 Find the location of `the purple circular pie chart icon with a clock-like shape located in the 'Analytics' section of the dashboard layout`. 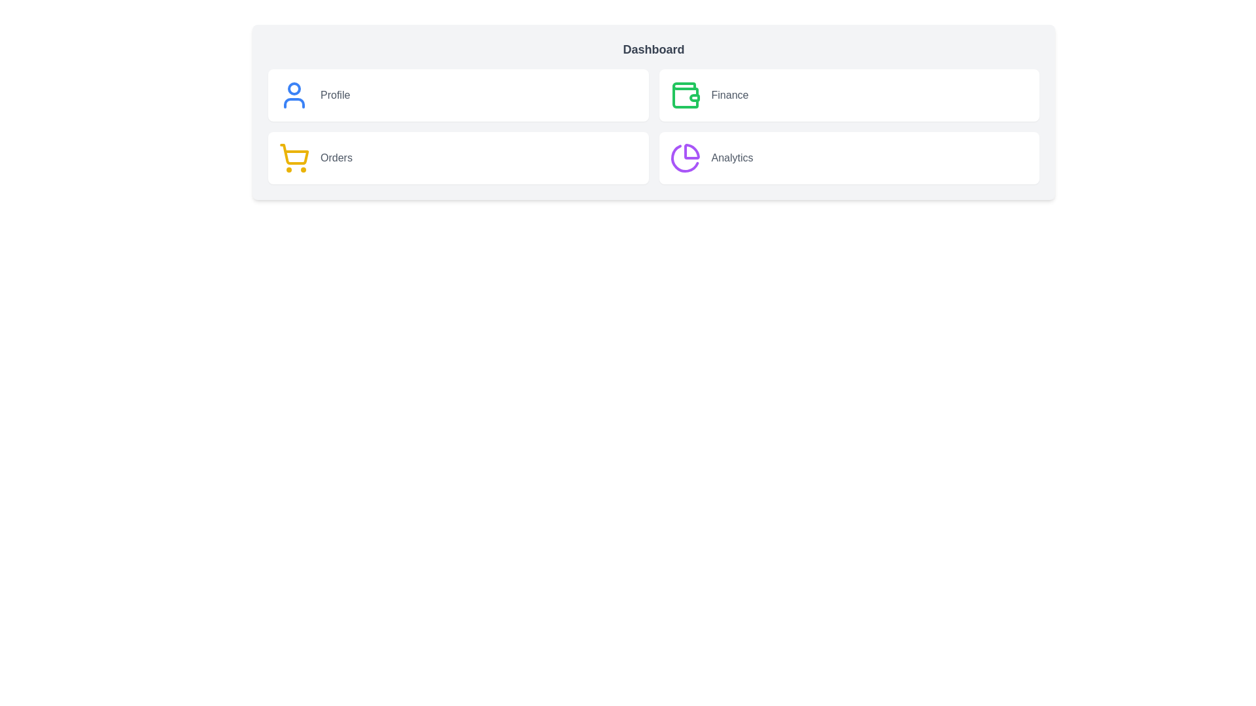

the purple circular pie chart icon with a clock-like shape located in the 'Analytics' section of the dashboard layout is located at coordinates (684, 158).